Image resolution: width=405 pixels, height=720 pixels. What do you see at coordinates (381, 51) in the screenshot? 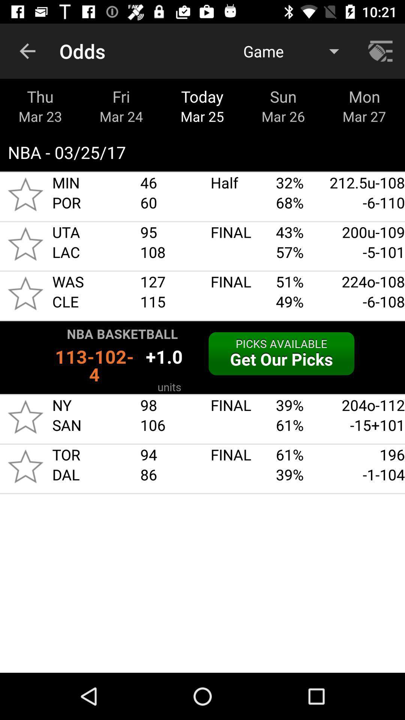
I see `open settings` at bounding box center [381, 51].